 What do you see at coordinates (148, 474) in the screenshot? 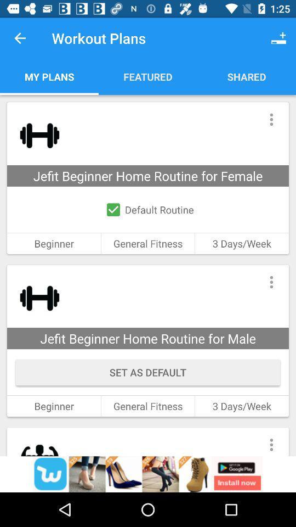
I see `a` at bounding box center [148, 474].